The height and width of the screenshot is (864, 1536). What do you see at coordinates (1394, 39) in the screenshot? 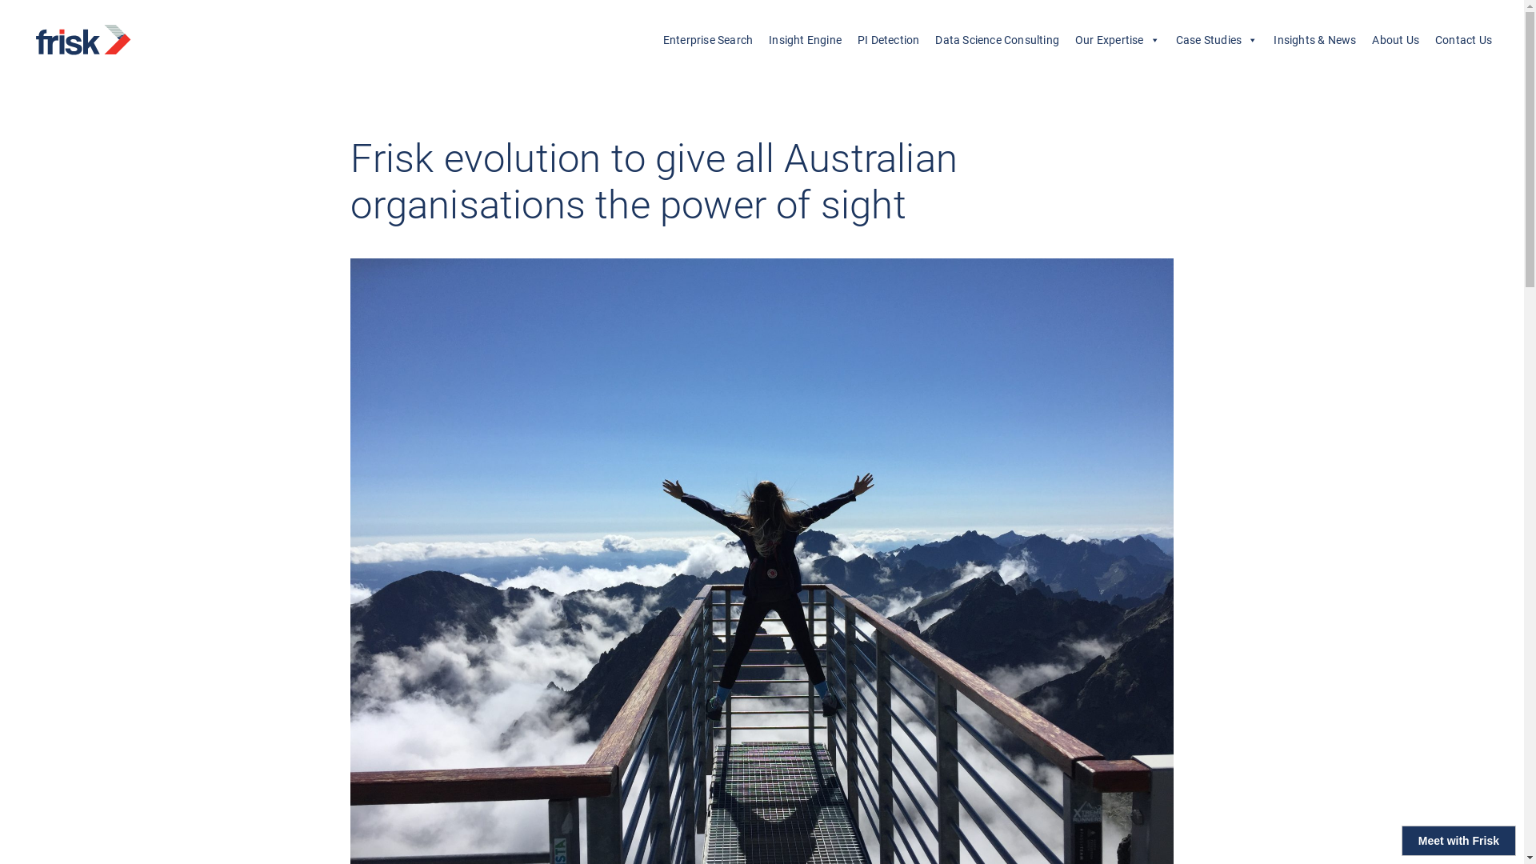
I see `'About Us'` at bounding box center [1394, 39].